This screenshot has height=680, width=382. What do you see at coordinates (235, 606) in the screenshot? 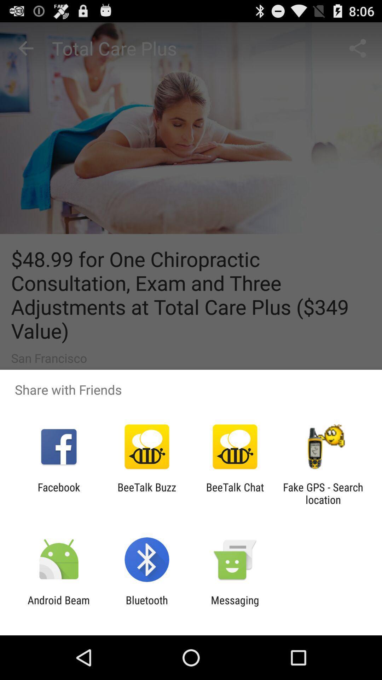
I see `the messaging` at bounding box center [235, 606].